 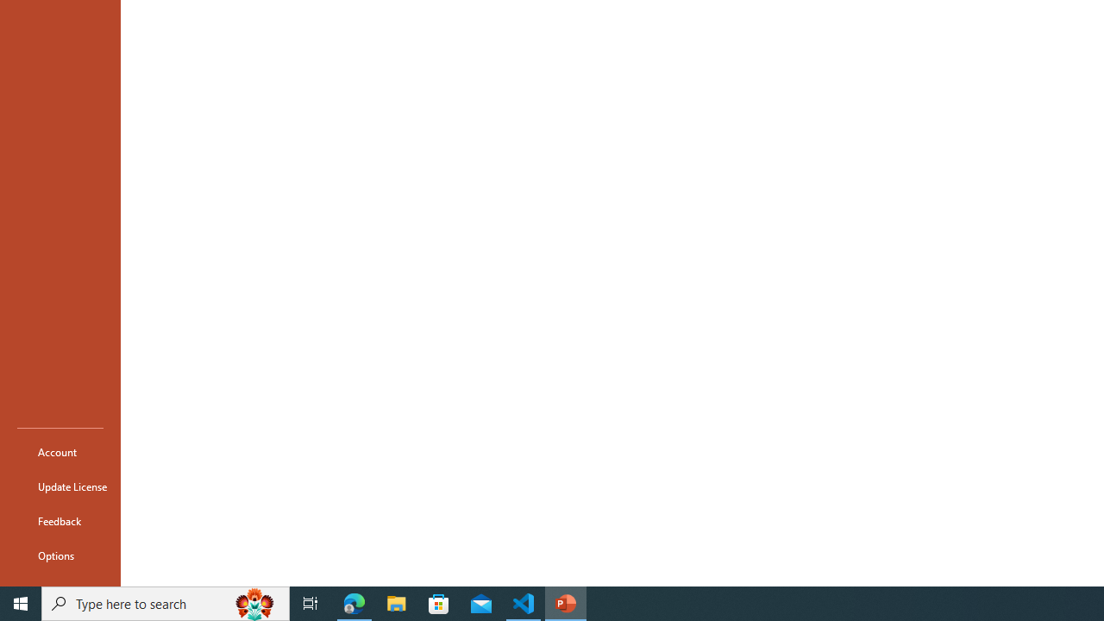 I want to click on 'Options', so click(x=60, y=555).